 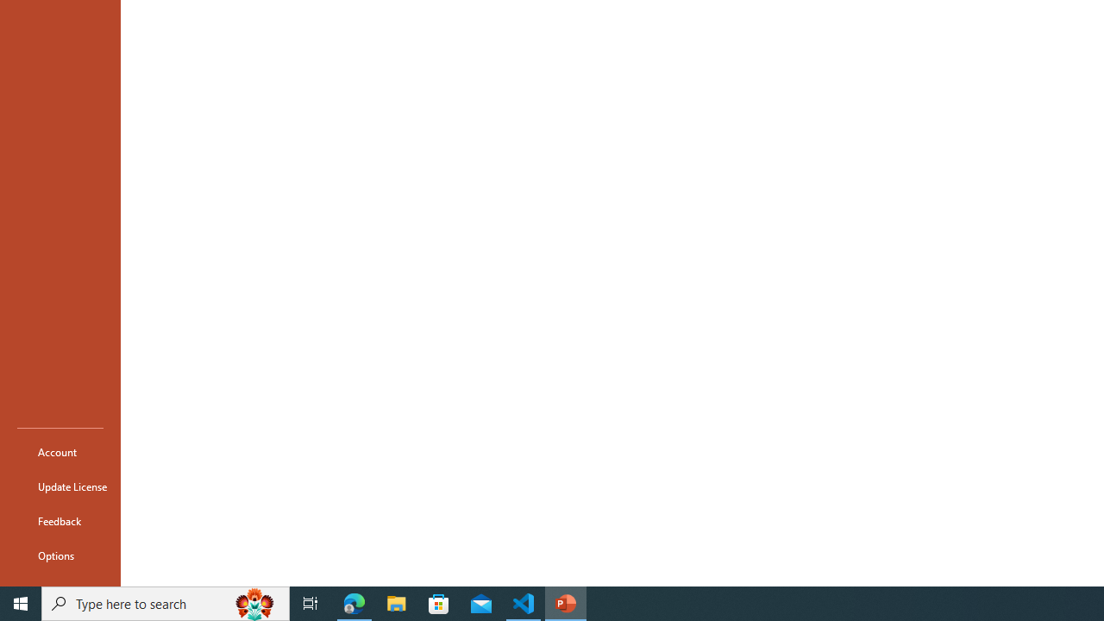 I want to click on 'Options', so click(x=60, y=555).